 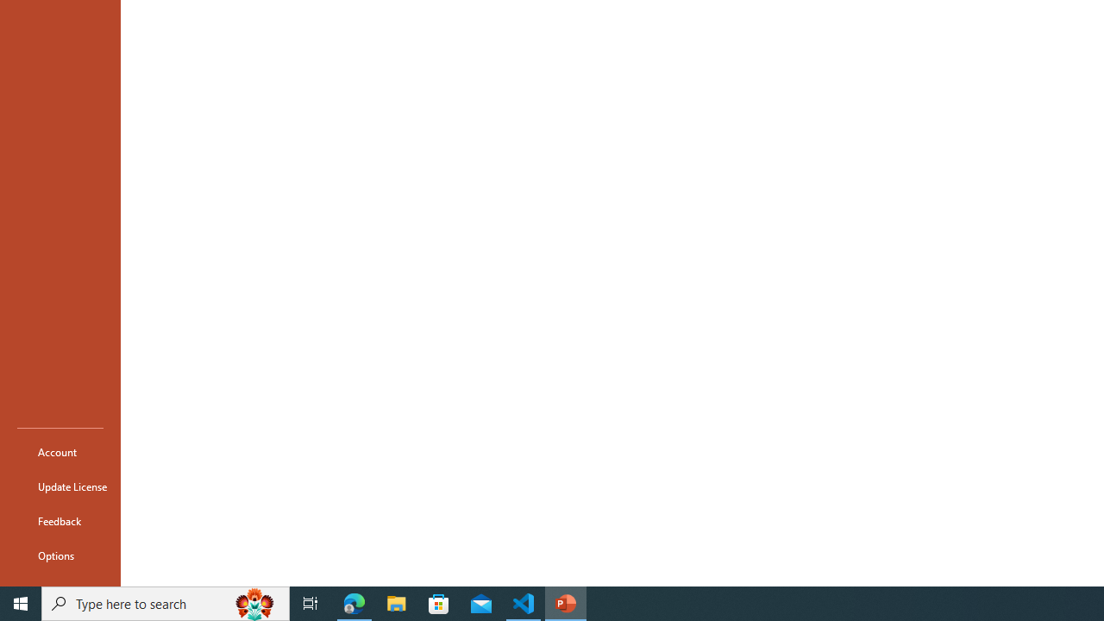 I want to click on 'Options', so click(x=60, y=555).